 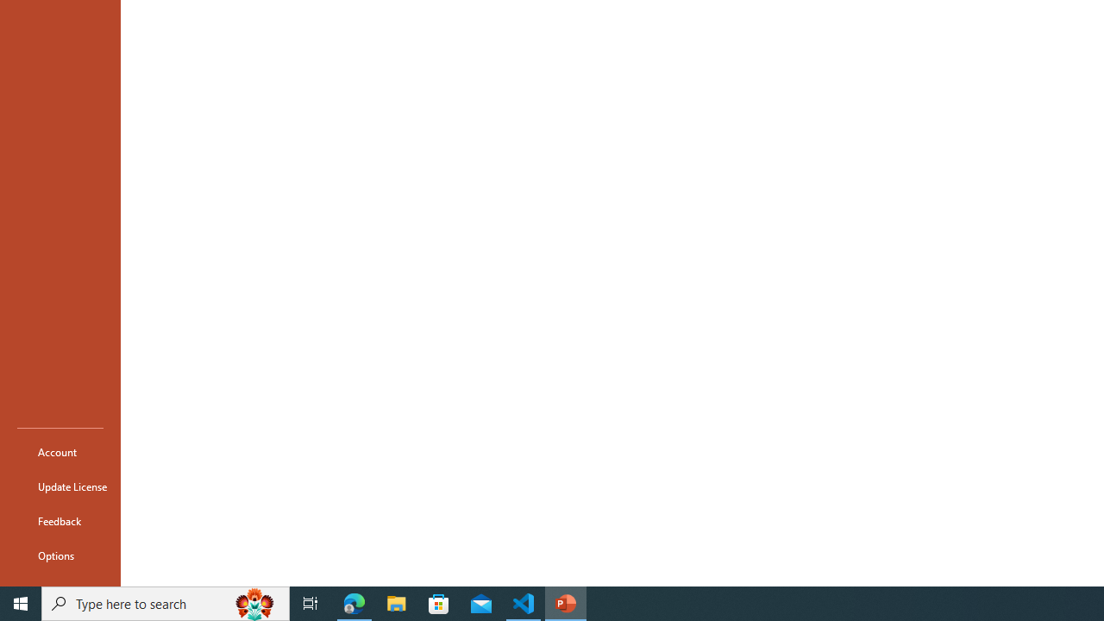 I want to click on 'Options', so click(x=60, y=555).